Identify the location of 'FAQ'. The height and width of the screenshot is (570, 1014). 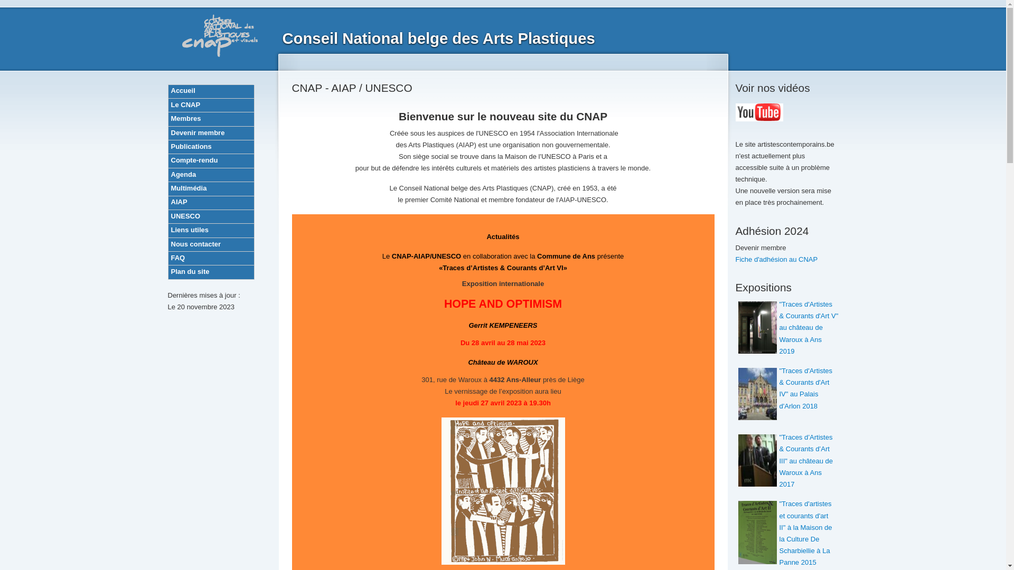
(211, 258).